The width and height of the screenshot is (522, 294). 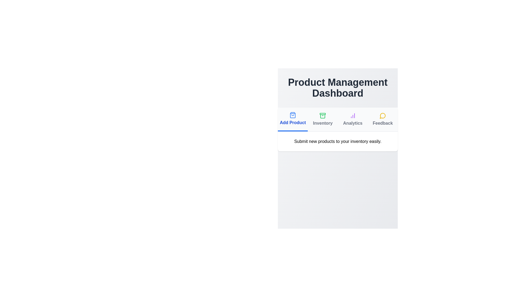 I want to click on the 'Analytics' text label in the navigation toolbar under the 'Product Management Dashboard' header, so click(x=353, y=123).